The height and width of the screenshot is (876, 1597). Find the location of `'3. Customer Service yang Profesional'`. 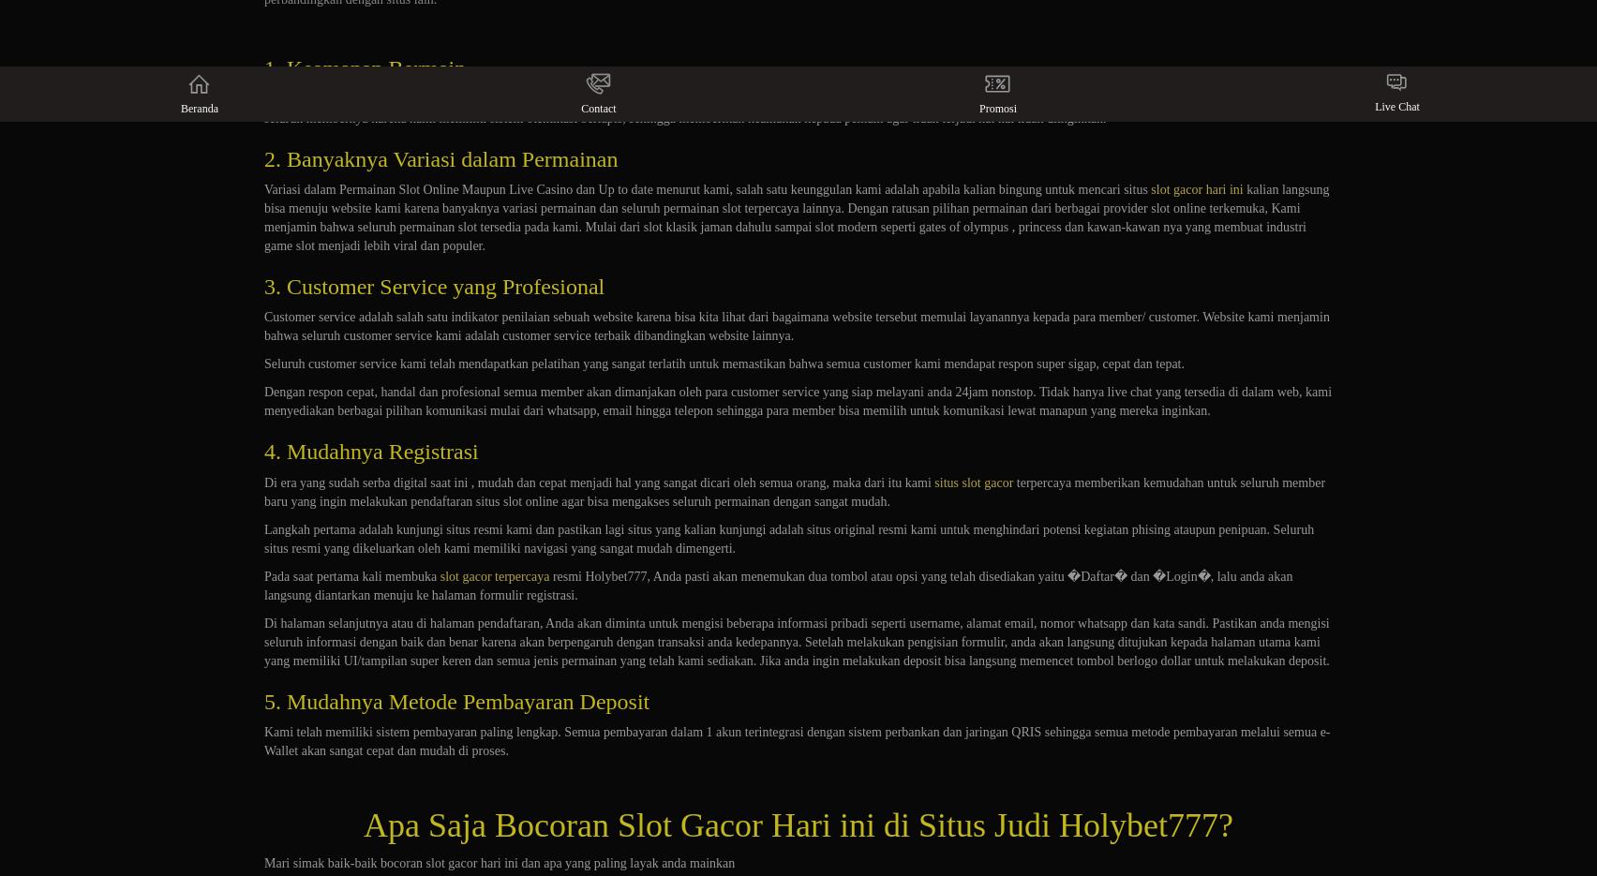

'3. Customer Service yang Profesional' is located at coordinates (434, 287).